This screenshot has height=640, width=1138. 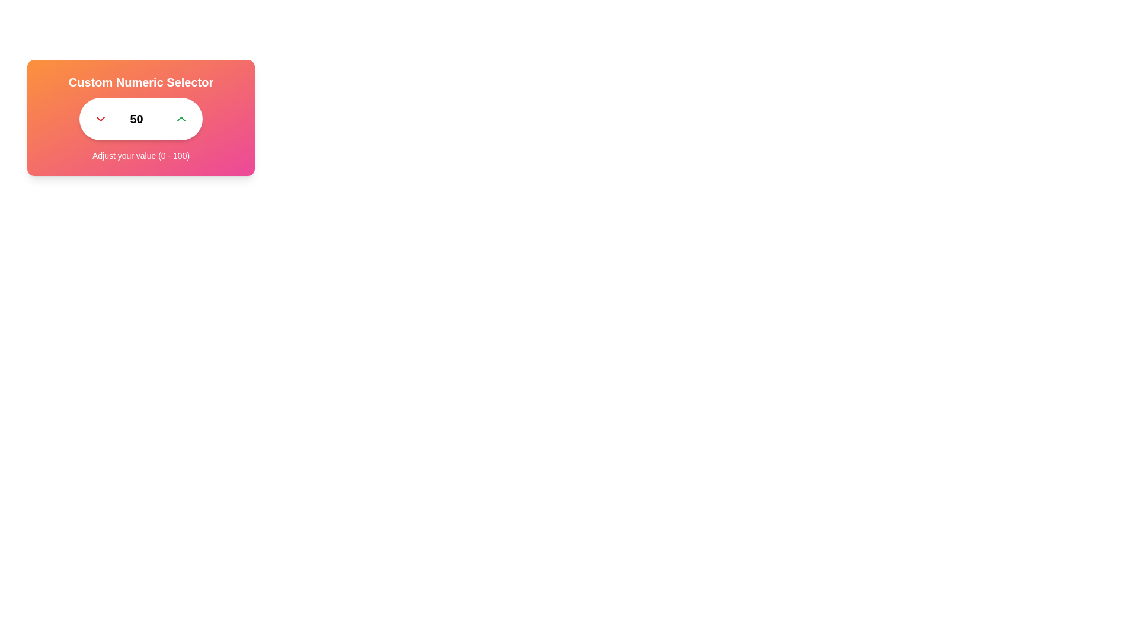 I want to click on the increment button located on the right side of the numeric selector layout to receive potential visual feedback, so click(x=181, y=119).